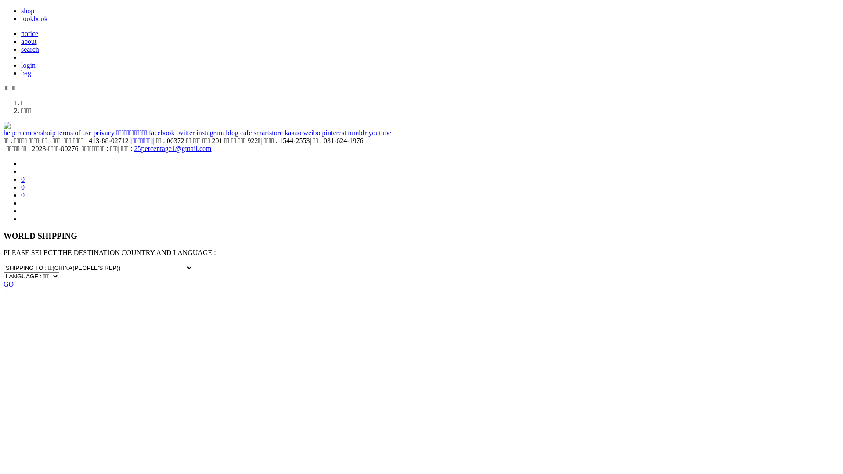 This screenshot has width=843, height=474. Describe the element at coordinates (30, 49) in the screenshot. I see `'search'` at that location.